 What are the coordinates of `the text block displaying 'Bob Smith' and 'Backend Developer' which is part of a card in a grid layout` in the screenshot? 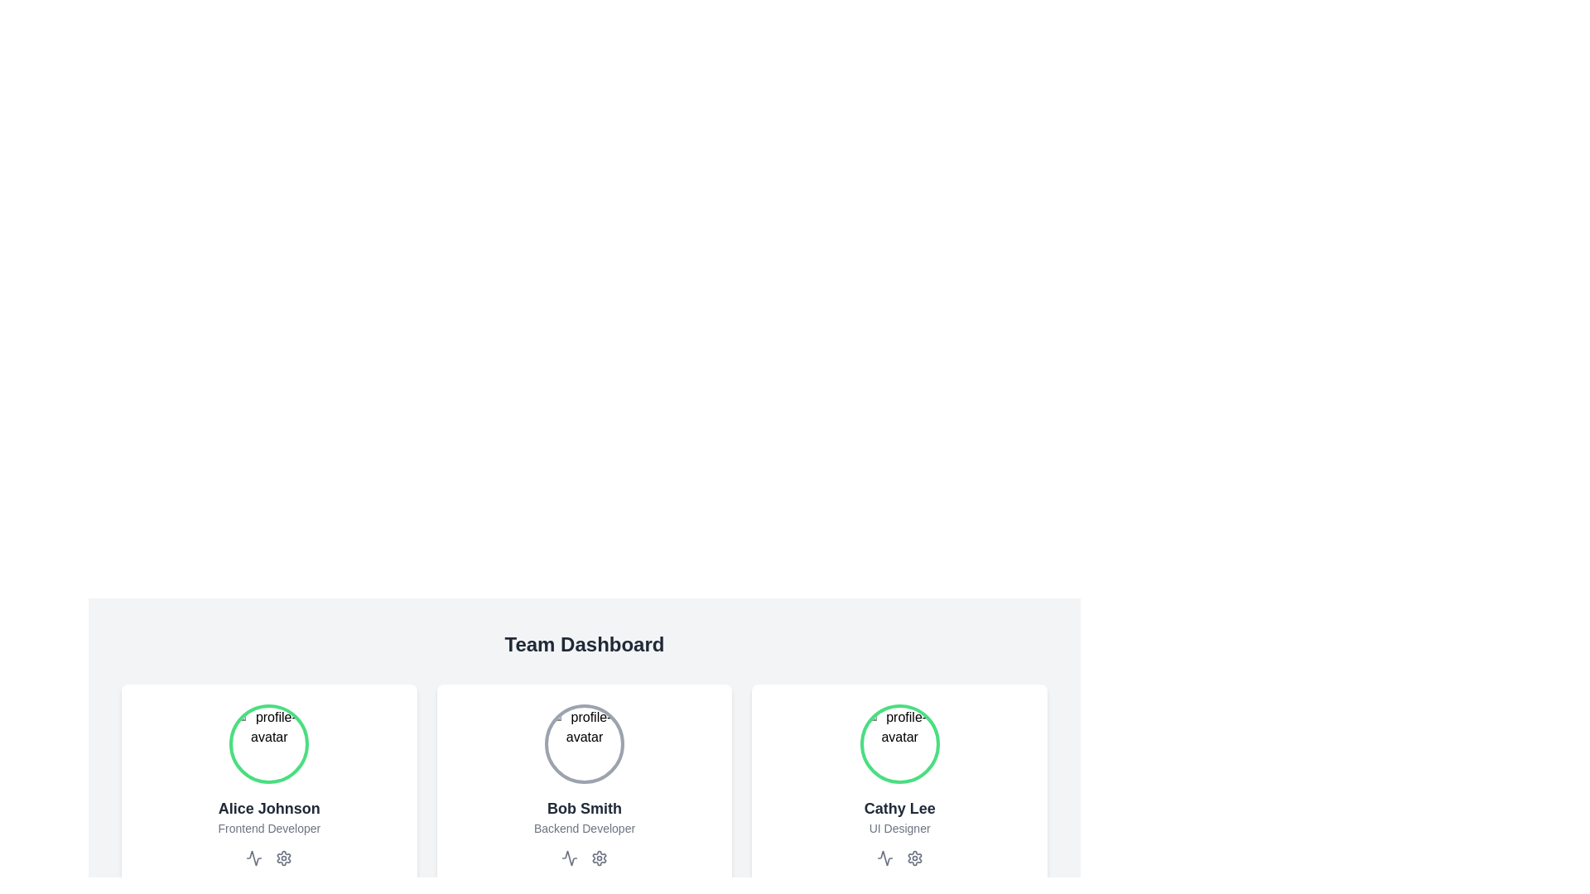 It's located at (584, 816).